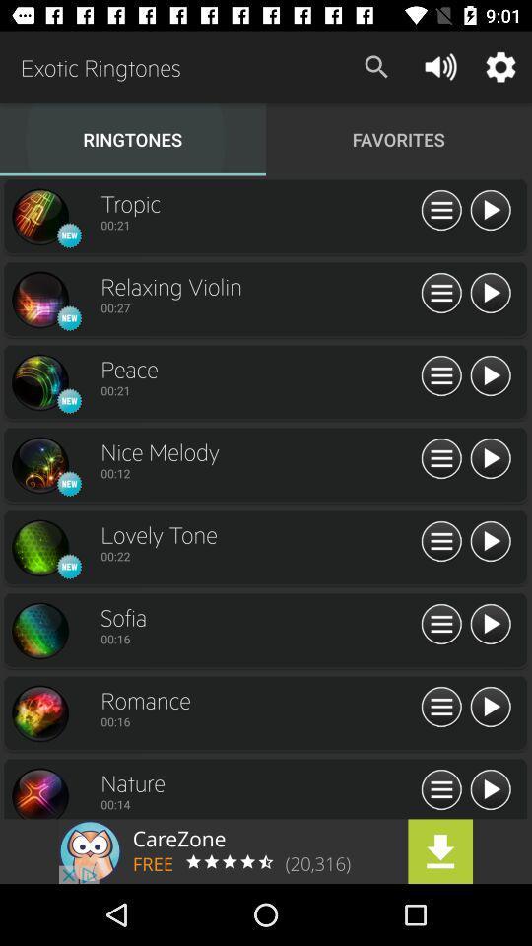  I want to click on the track titled tropic, so click(489, 211).